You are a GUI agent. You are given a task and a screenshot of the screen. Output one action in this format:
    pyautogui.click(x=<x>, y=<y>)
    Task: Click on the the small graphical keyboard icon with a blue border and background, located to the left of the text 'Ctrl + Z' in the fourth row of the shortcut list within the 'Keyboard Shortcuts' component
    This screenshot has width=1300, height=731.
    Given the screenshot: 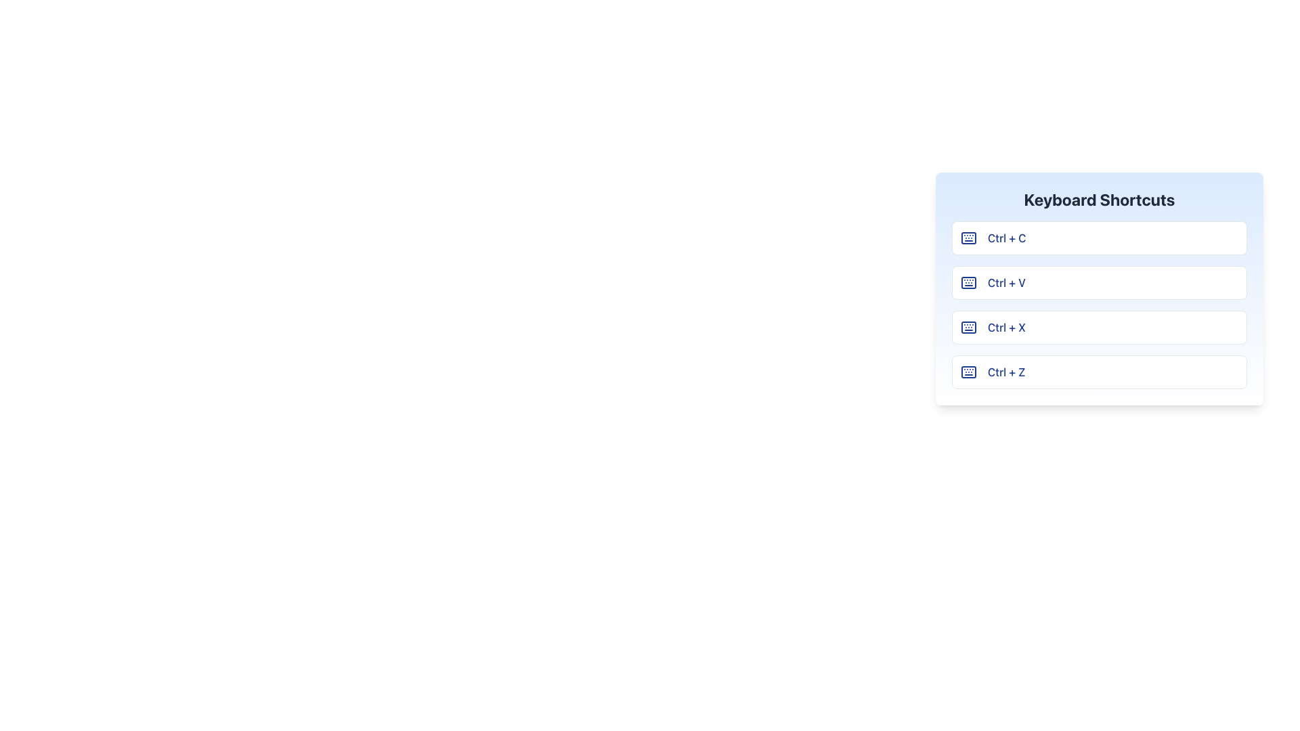 What is the action you would take?
    pyautogui.click(x=968, y=372)
    